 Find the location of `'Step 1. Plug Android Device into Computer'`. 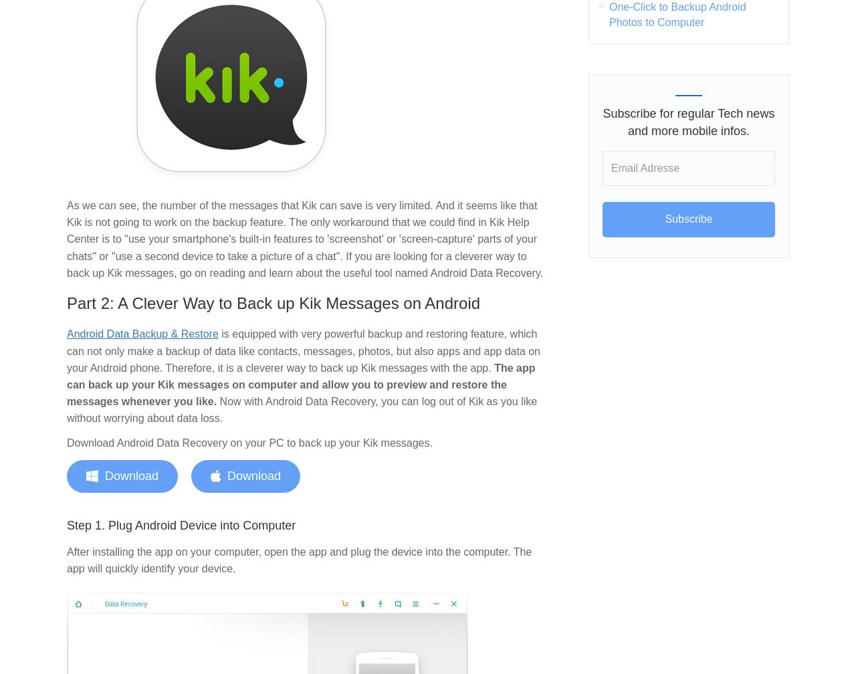

'Step 1. Plug Android Device into Computer' is located at coordinates (180, 525).